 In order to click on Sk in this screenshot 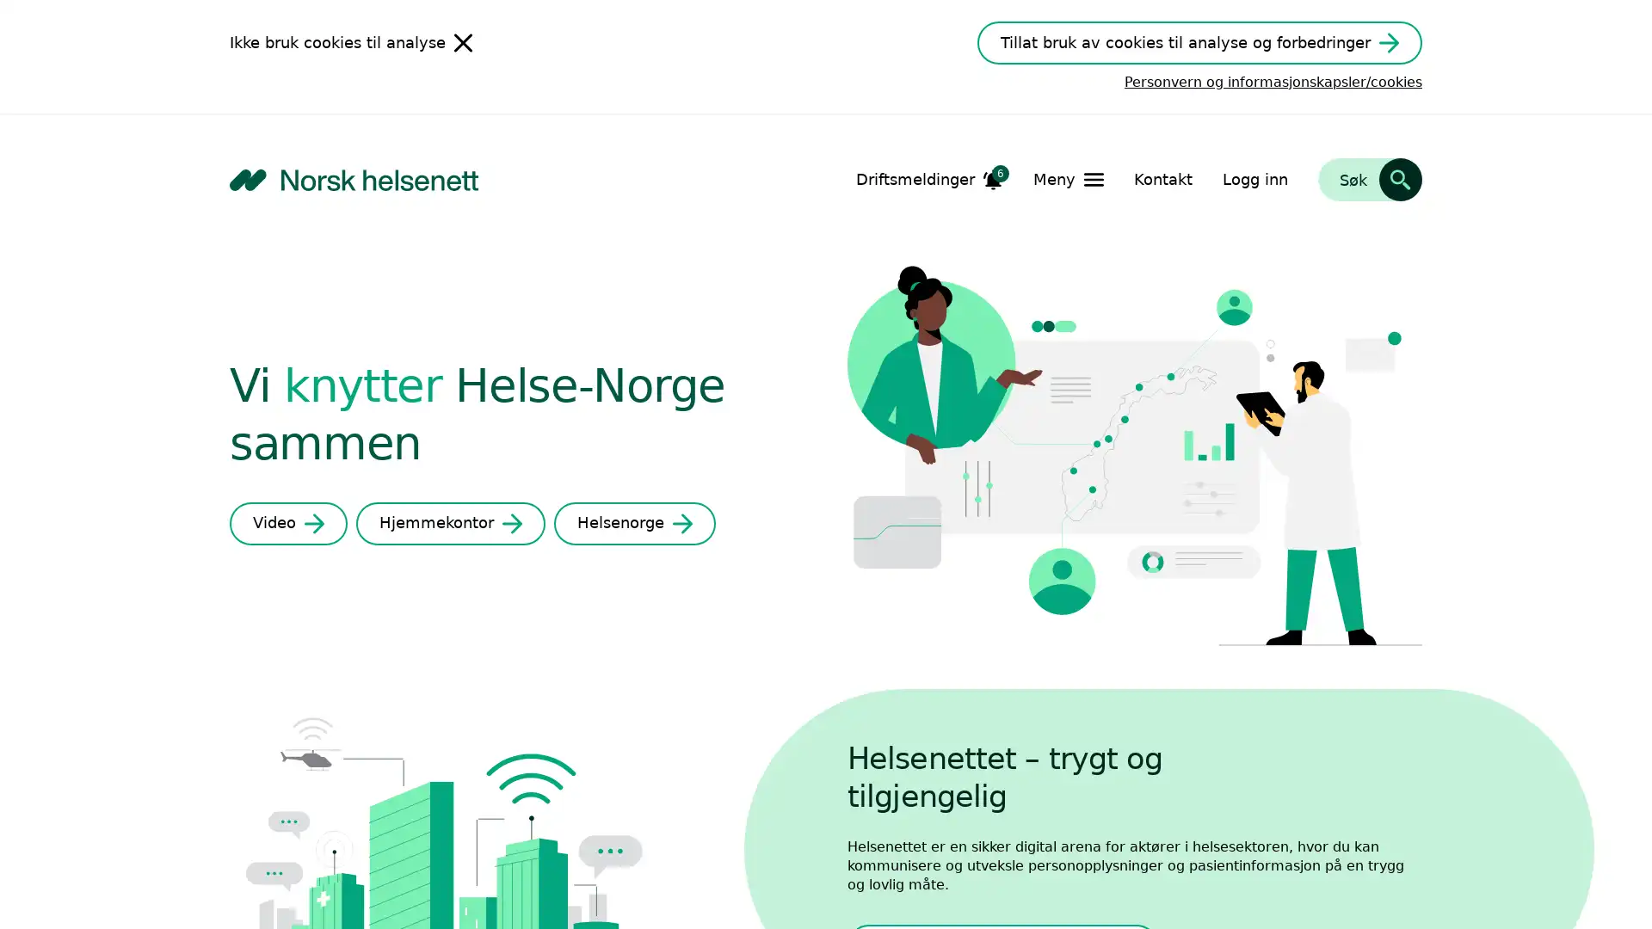, I will do `click(1400, 179)`.